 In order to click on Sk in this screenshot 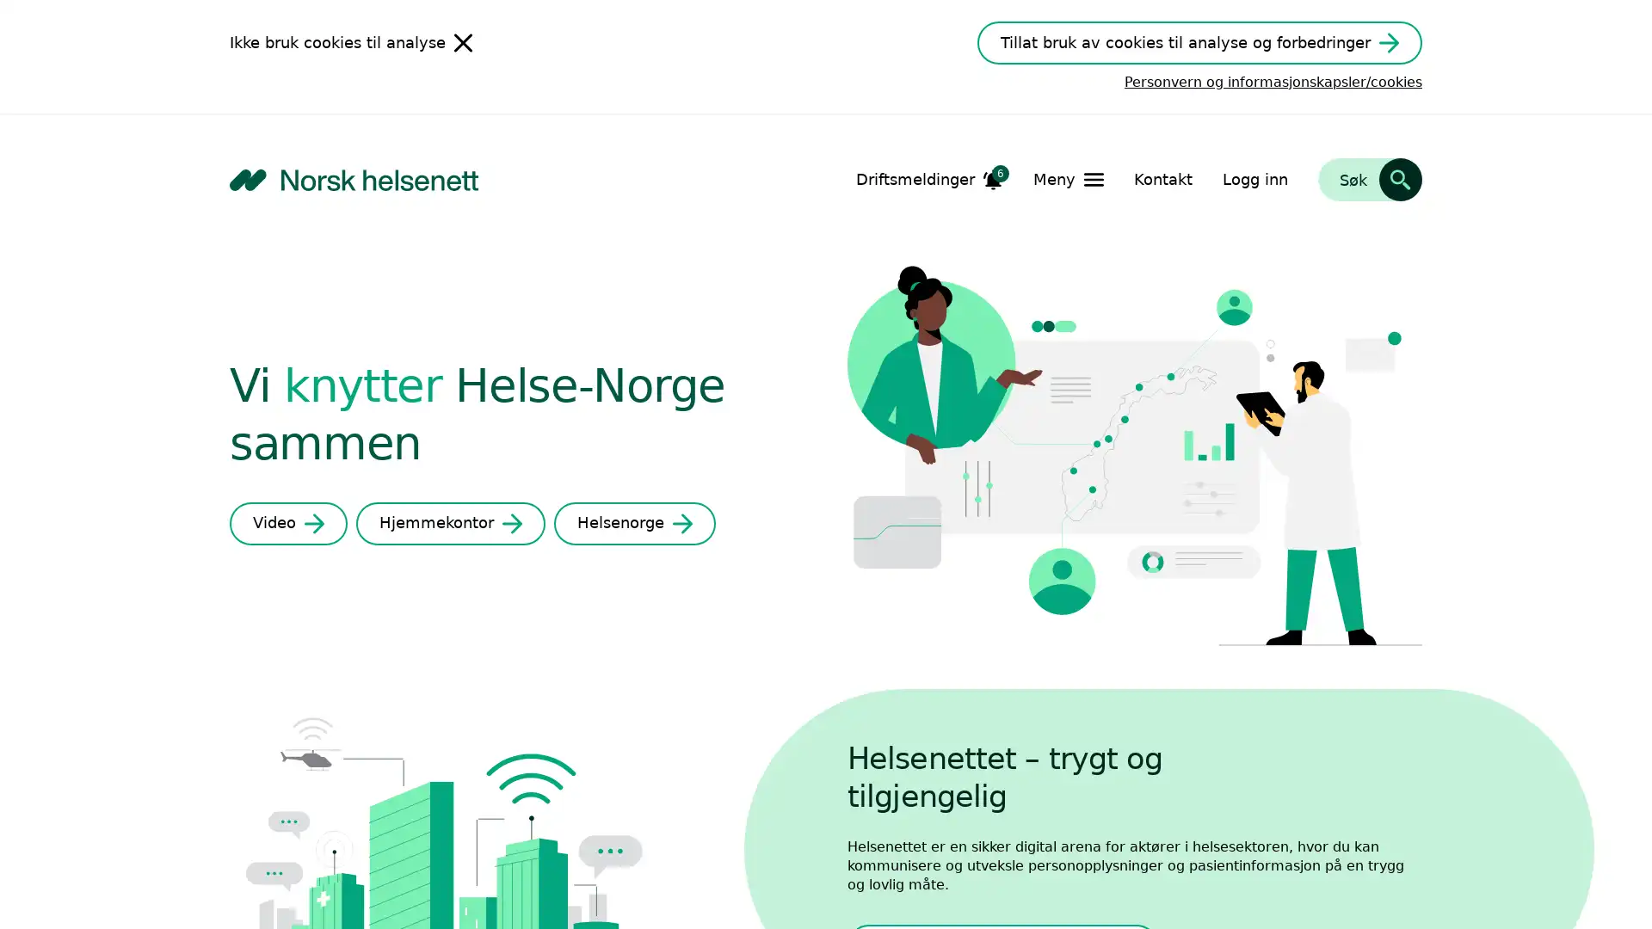, I will do `click(1400, 179)`.